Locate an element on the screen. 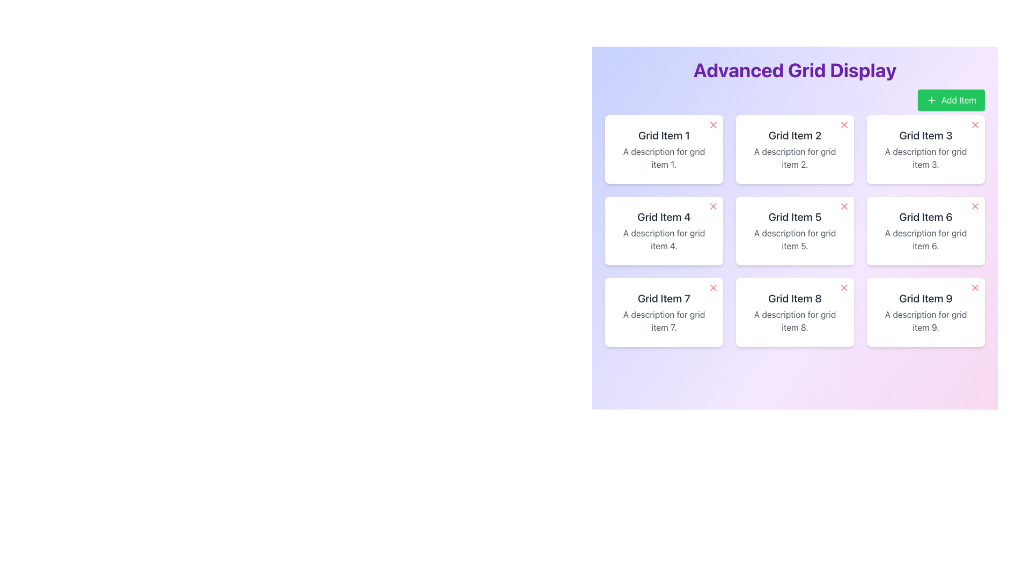 The height and width of the screenshot is (579, 1030). the close or delete icon located in the top-right corner of the card labeled 'Grid Item 4' in the grid layout is located at coordinates (713, 206).